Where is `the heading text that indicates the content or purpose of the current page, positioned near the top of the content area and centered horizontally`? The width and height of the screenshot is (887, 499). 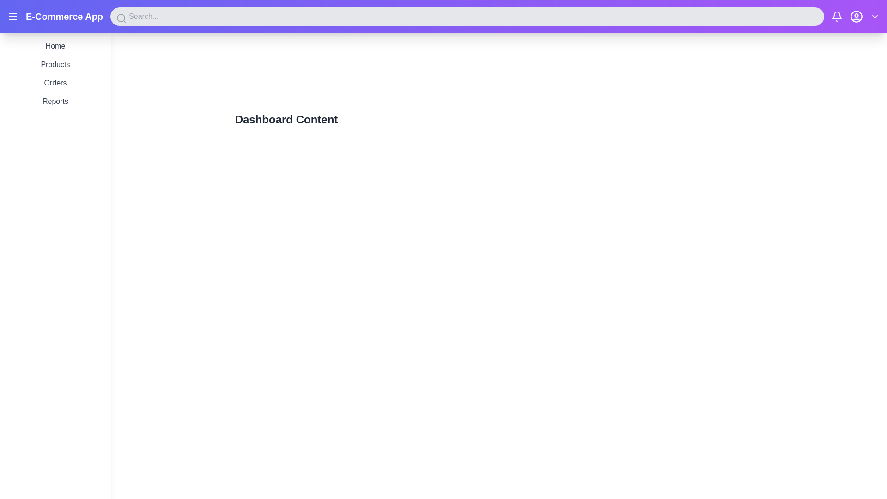
the heading text that indicates the content or purpose of the current page, positioned near the top of the content area and centered horizontally is located at coordinates (286, 119).